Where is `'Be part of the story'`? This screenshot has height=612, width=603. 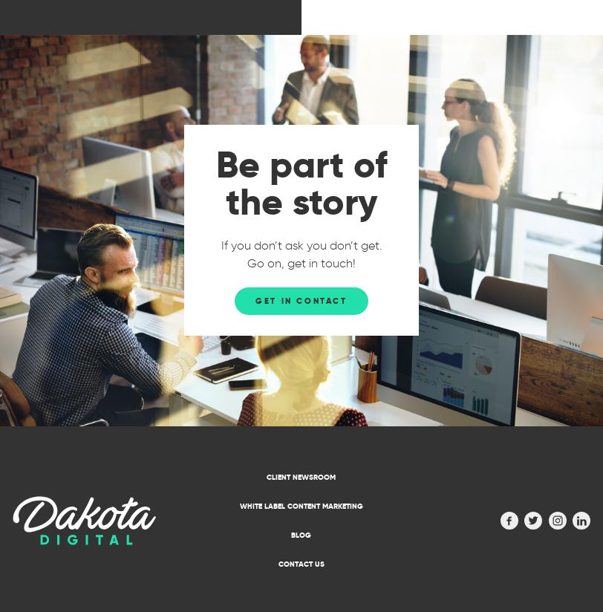
'Be part of the story' is located at coordinates (301, 183).